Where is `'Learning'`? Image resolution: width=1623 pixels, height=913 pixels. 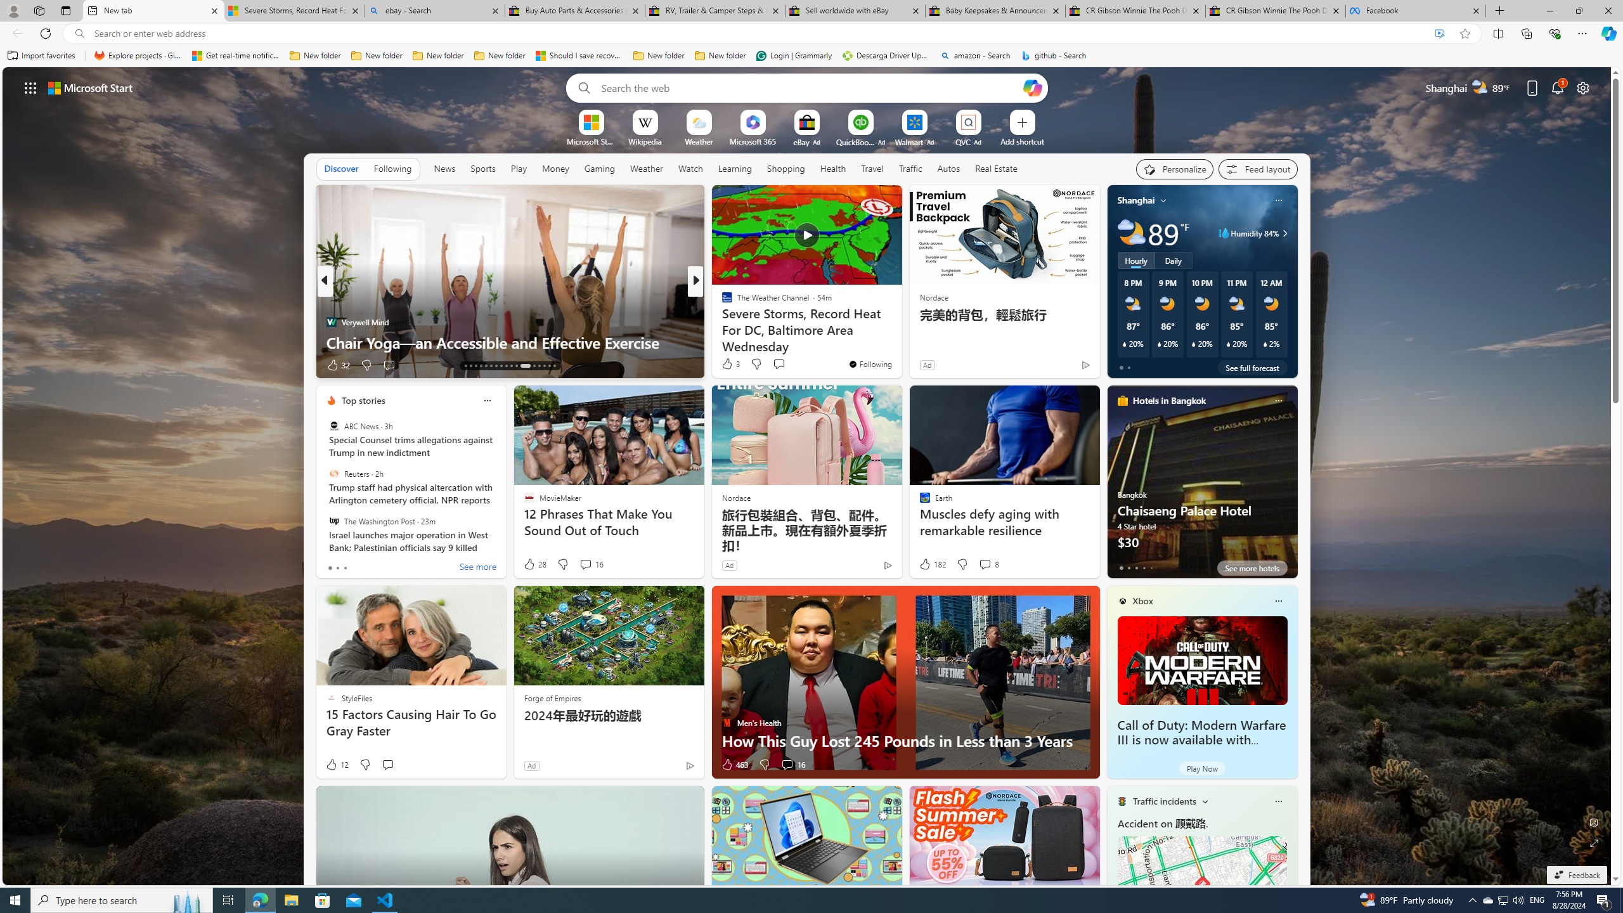 'Learning' is located at coordinates (734, 167).